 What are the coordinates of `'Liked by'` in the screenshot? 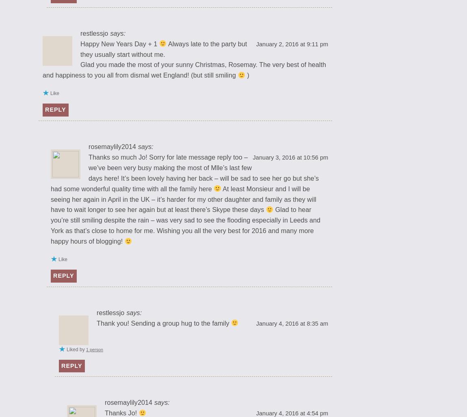 It's located at (76, 349).